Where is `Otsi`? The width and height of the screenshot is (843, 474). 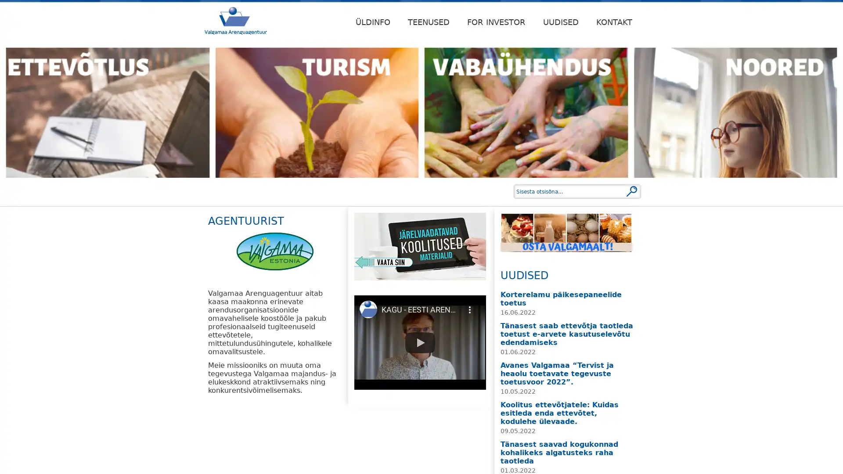 Otsi is located at coordinates (631, 190).